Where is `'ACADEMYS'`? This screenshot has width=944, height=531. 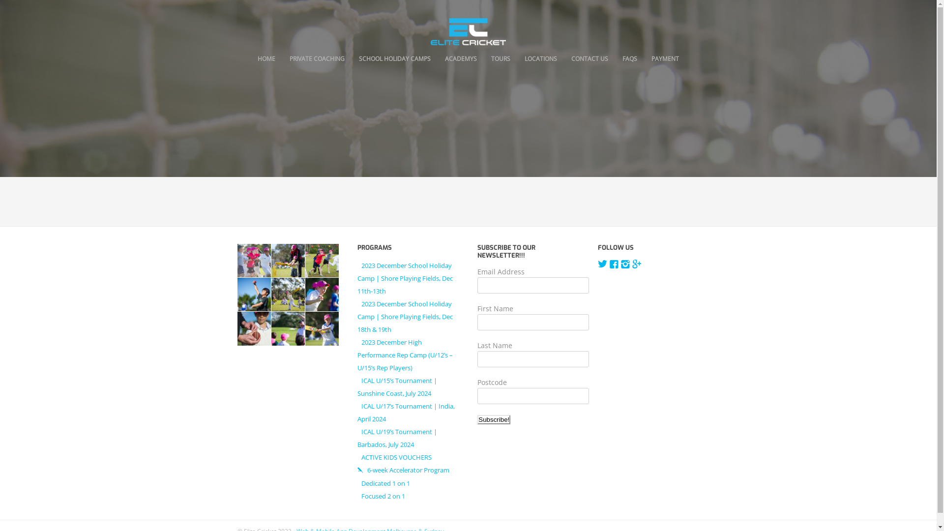 'ACADEMYS' is located at coordinates (444, 59).